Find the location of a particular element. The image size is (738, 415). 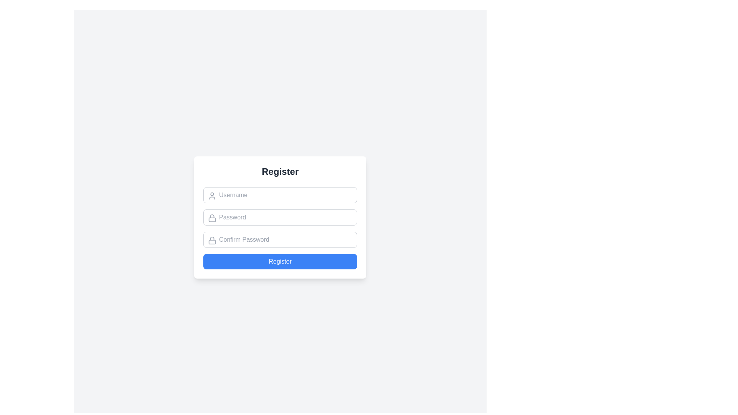

the icon indicating password input, located to the left of the 'Confirm Password' text input field on the registration form is located at coordinates (212, 240).